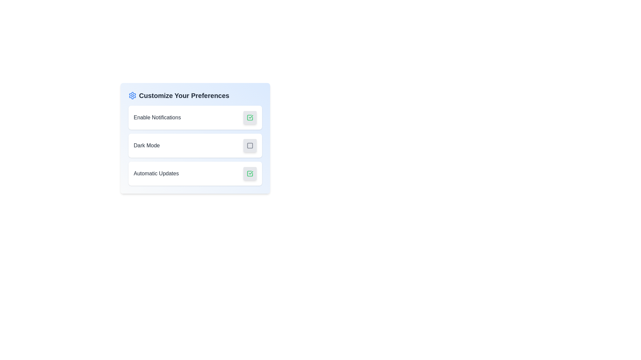 The height and width of the screenshot is (360, 641). I want to click on the Text Label with Icon that says 'Customize Your Preferences' which is styled in a bold, large font and accompanied by a blue gear icon, so click(195, 95).